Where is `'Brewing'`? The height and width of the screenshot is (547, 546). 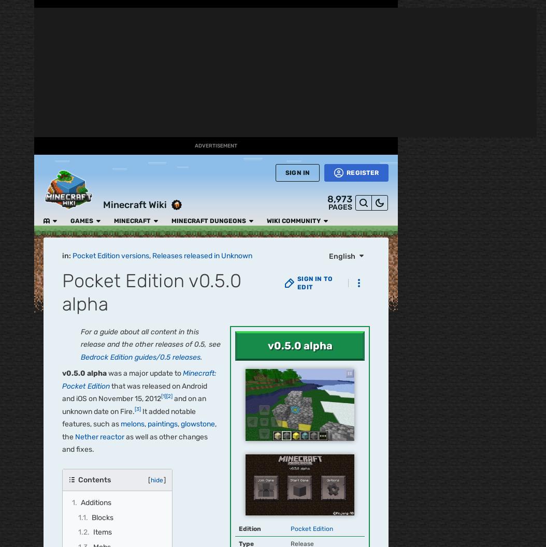
'Brewing' is located at coordinates (269, 320).